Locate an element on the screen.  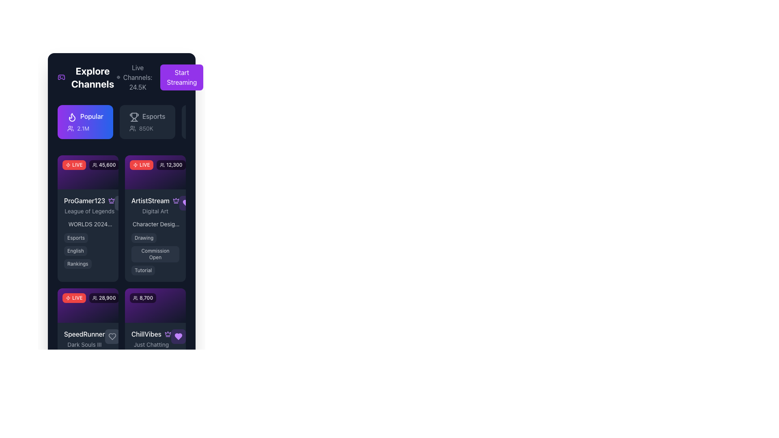
the content block titled 'ProGamer123' that features a description of 'League of Legends', a subtitle 'WORLDS 2024 PRACTICE!', and tags in gray capsules is located at coordinates (88, 232).